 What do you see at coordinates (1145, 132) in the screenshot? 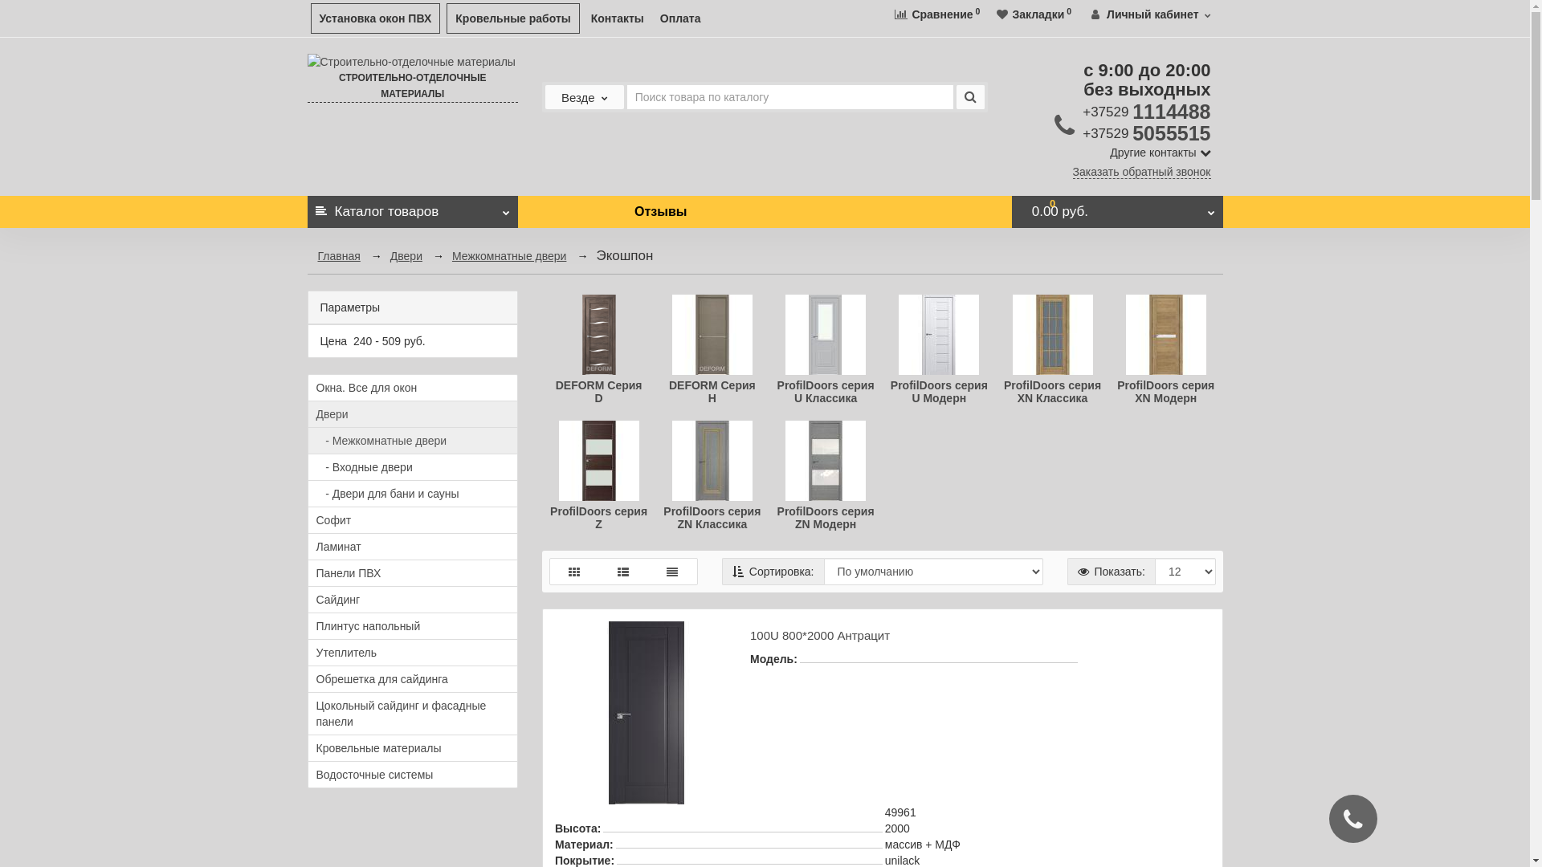
I see `'+37529 5055515'` at bounding box center [1145, 132].